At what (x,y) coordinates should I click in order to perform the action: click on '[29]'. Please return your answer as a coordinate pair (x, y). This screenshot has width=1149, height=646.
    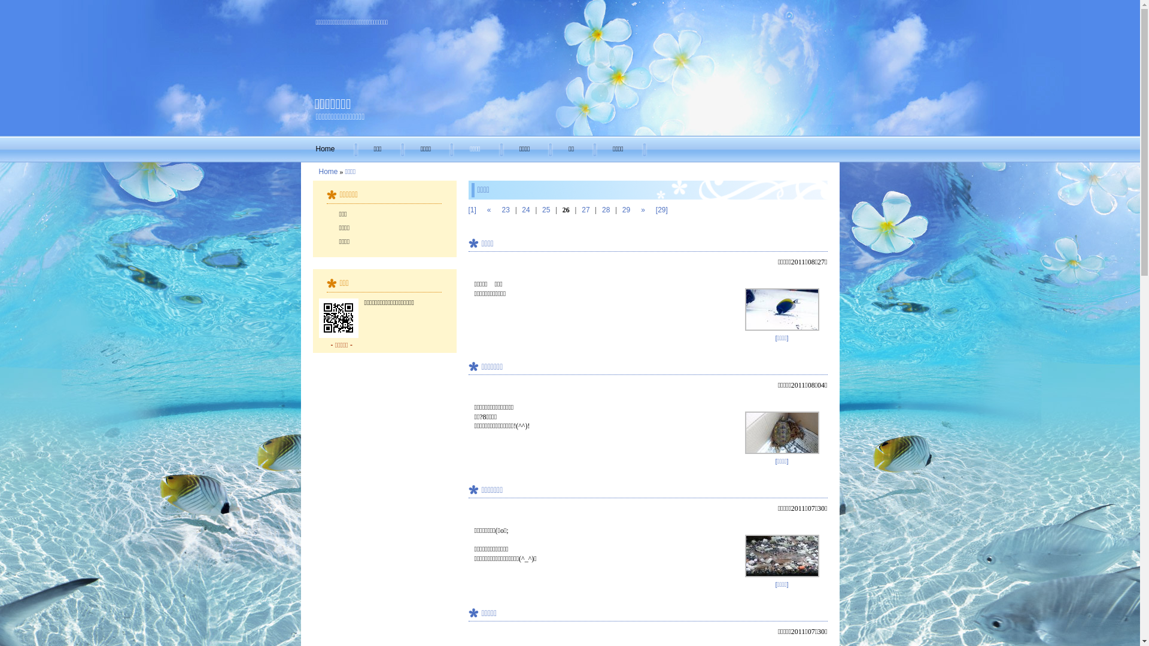
    Looking at the image, I should click on (661, 209).